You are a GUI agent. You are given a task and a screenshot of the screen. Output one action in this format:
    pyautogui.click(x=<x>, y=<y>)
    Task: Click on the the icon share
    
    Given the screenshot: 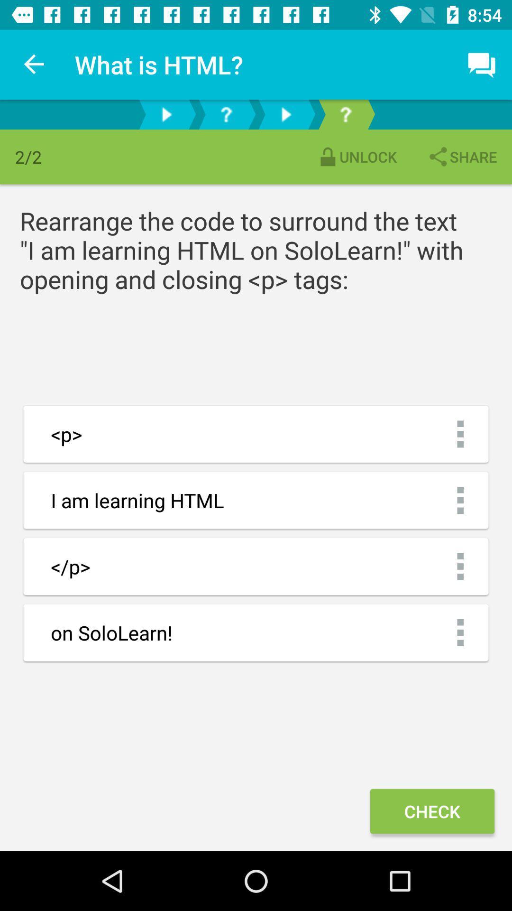 What is the action you would take?
    pyautogui.click(x=461, y=157)
    